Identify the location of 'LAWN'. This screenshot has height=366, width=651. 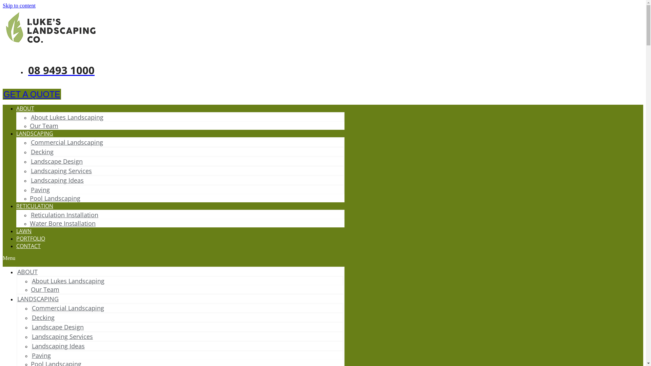
(24, 231).